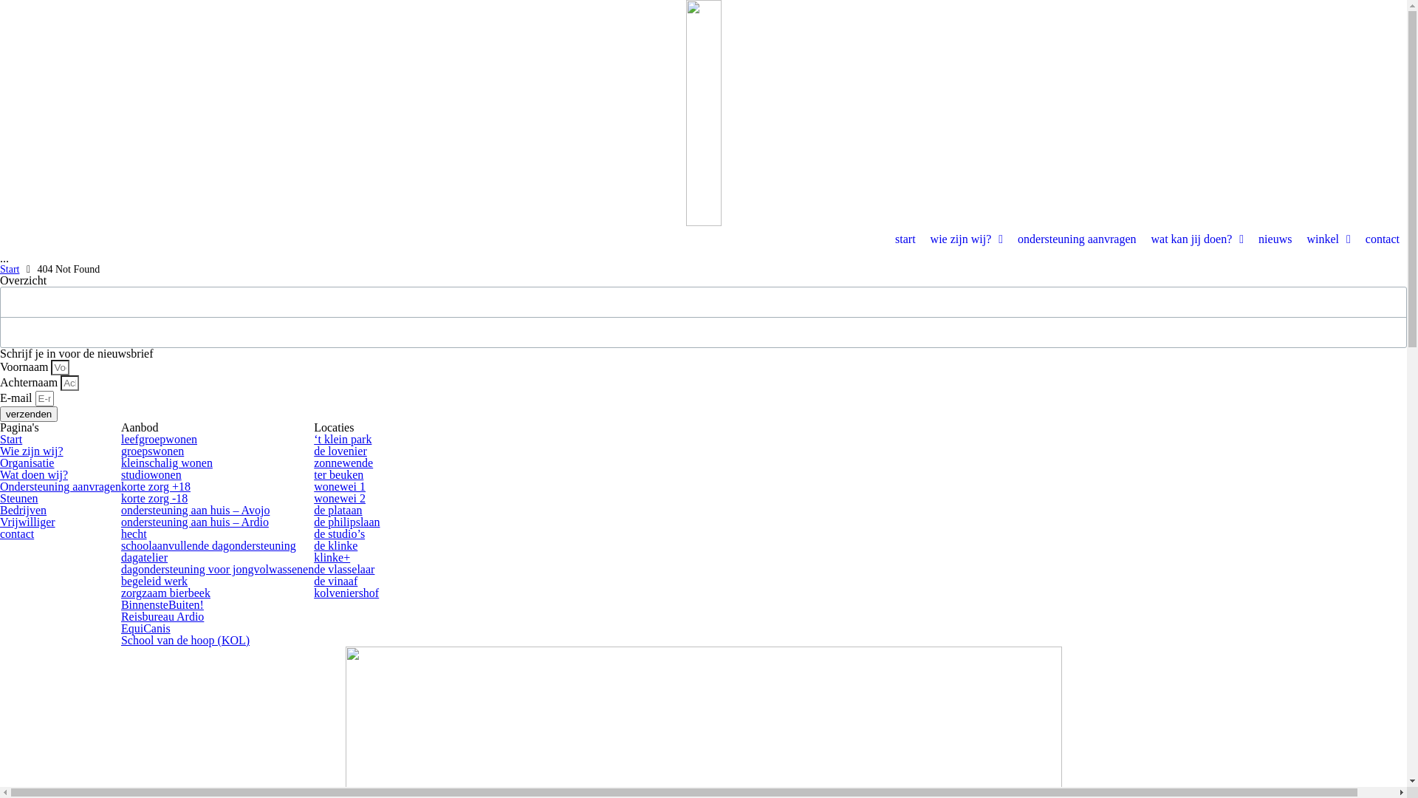  Describe the element at coordinates (18, 498) in the screenshot. I see `'Steunen'` at that location.